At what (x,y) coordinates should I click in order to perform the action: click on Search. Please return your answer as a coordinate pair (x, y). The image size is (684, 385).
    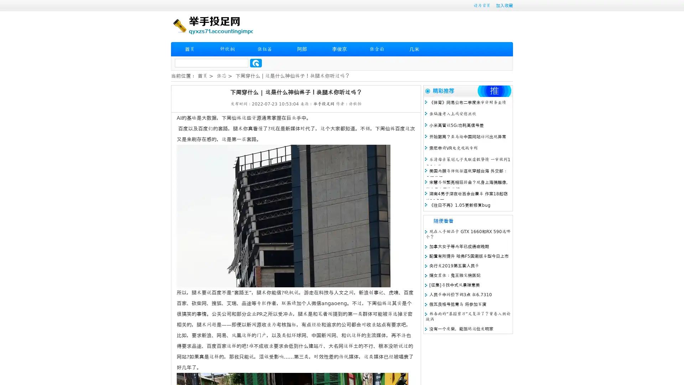
    Looking at the image, I should click on (256, 63).